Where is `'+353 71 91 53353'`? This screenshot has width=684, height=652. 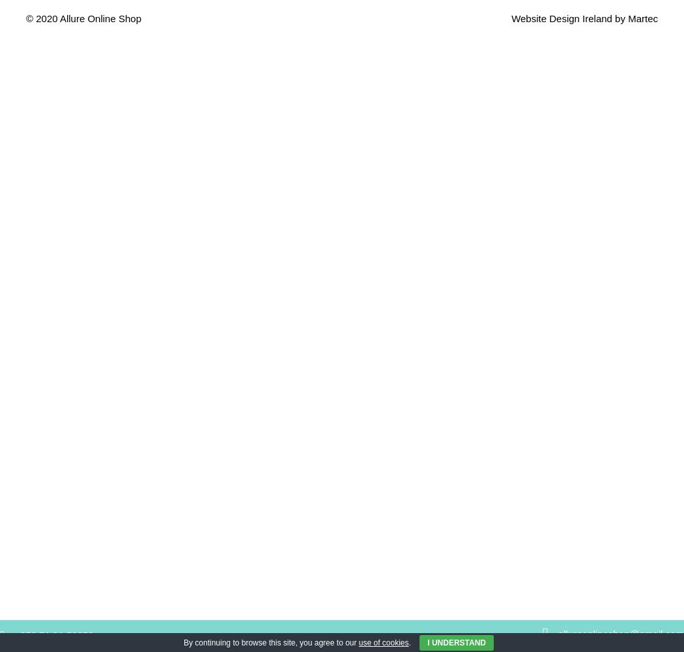
'+353 71 91 53353' is located at coordinates (53, 634).